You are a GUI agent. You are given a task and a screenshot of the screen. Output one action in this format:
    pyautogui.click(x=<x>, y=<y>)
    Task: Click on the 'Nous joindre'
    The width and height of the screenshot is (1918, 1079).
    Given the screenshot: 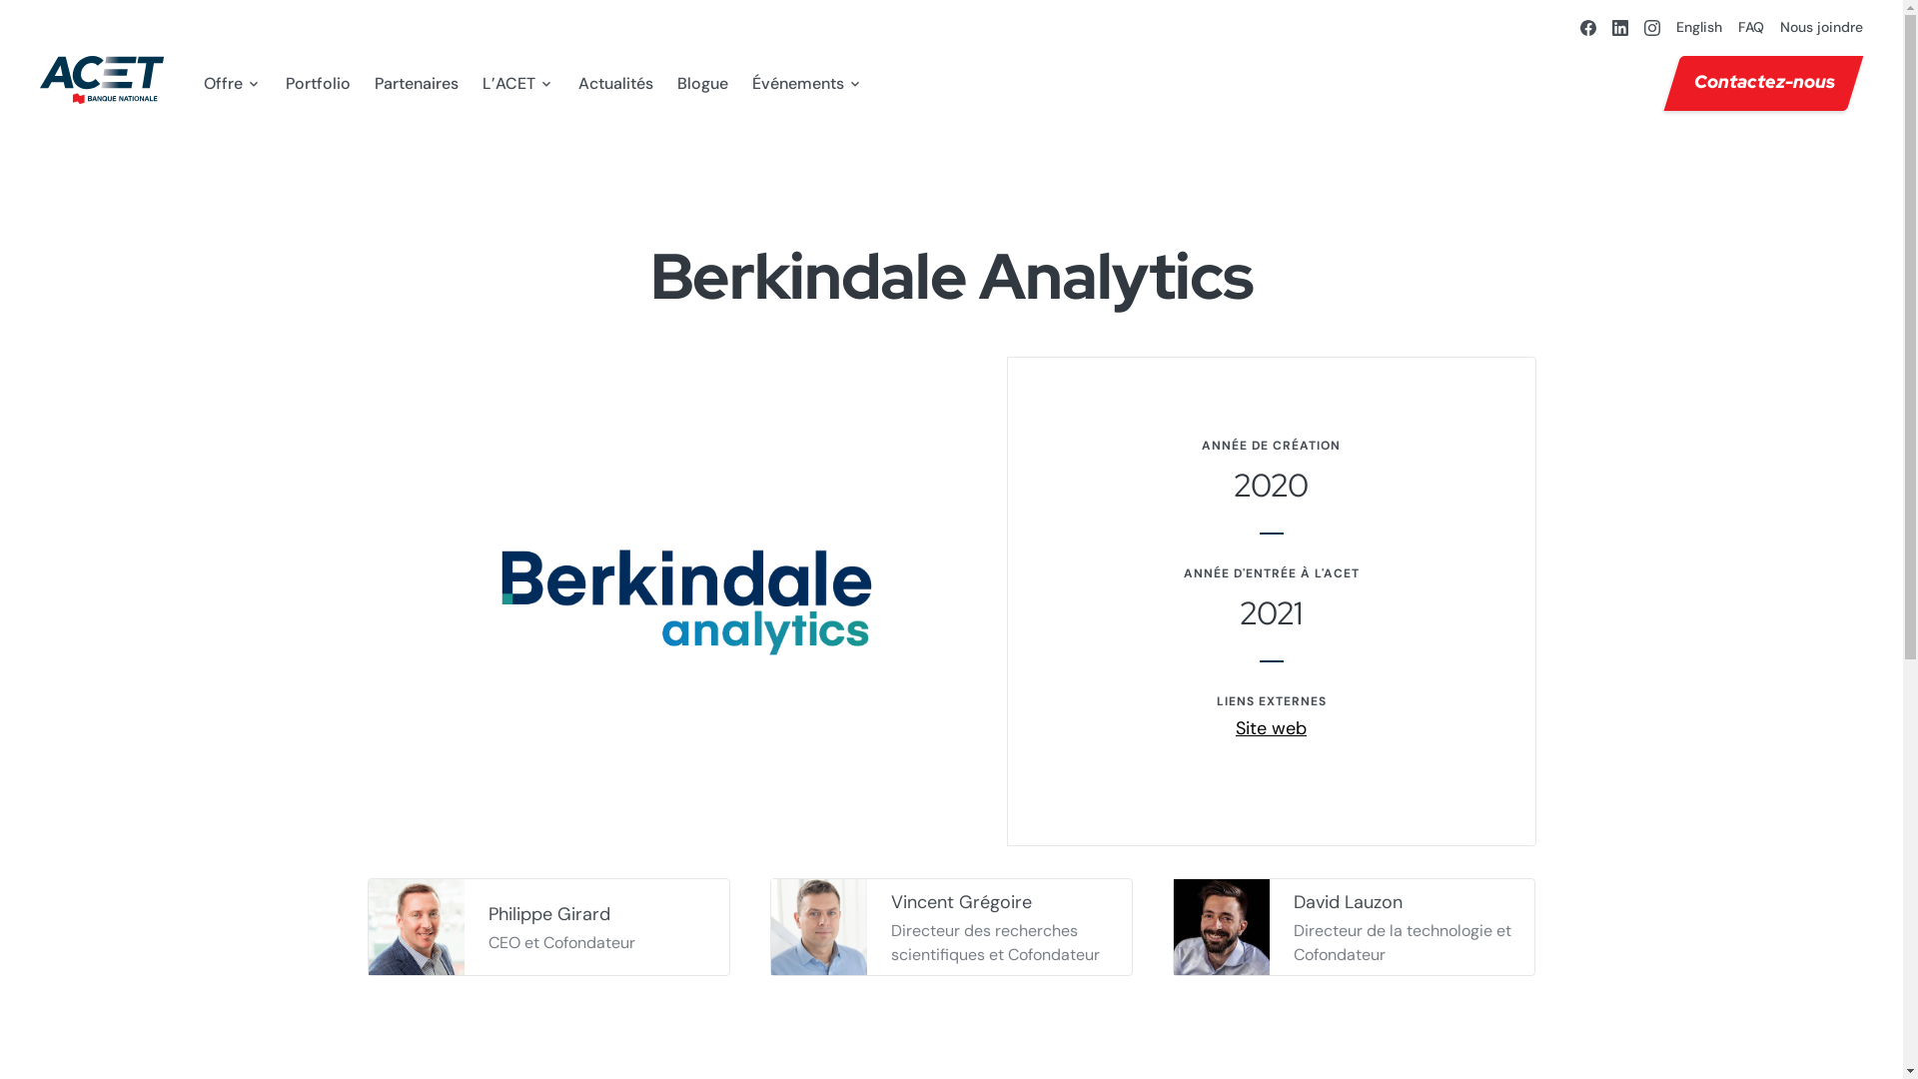 What is the action you would take?
    pyautogui.click(x=1821, y=27)
    